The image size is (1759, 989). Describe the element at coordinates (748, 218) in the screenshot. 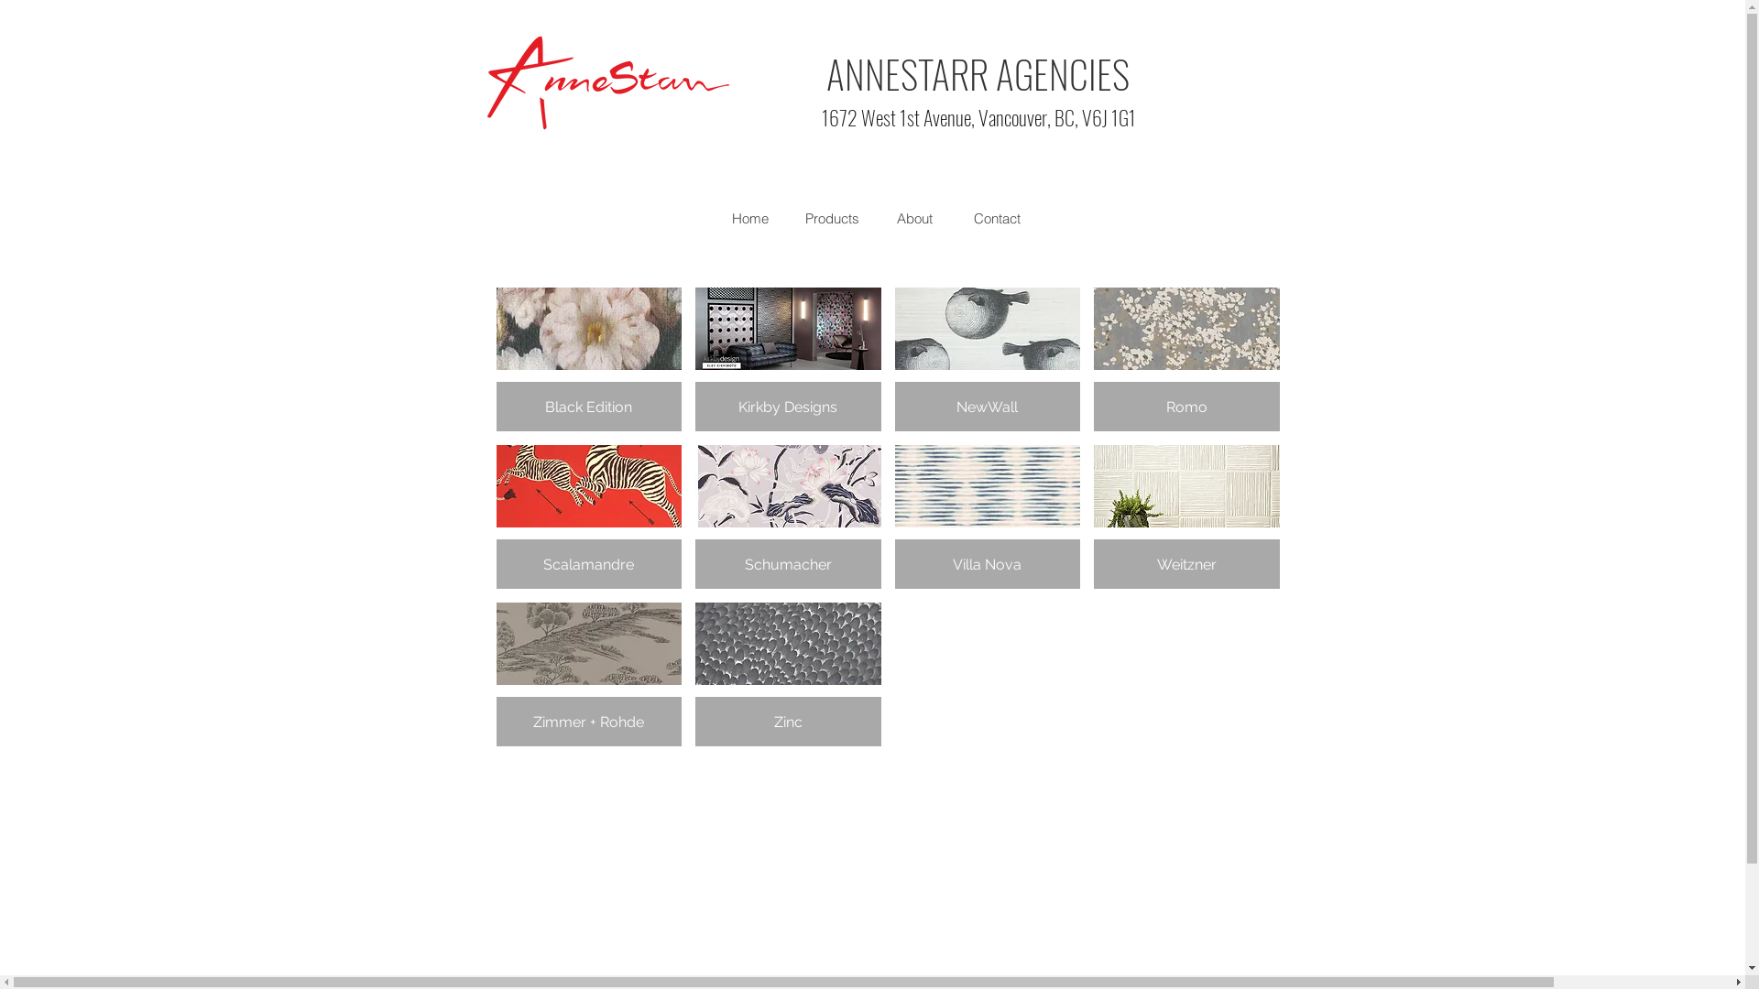

I see `'Home'` at that location.